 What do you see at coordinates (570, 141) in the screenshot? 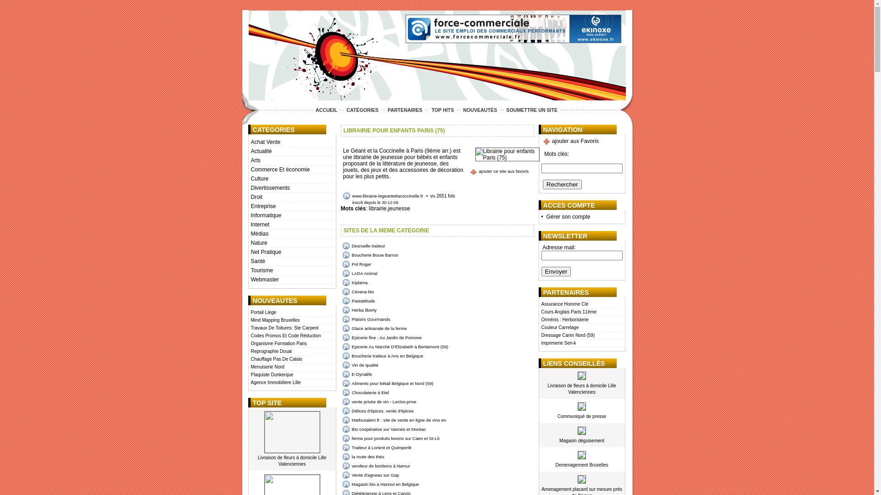
I see `'ajouter aux Favoris'` at bounding box center [570, 141].